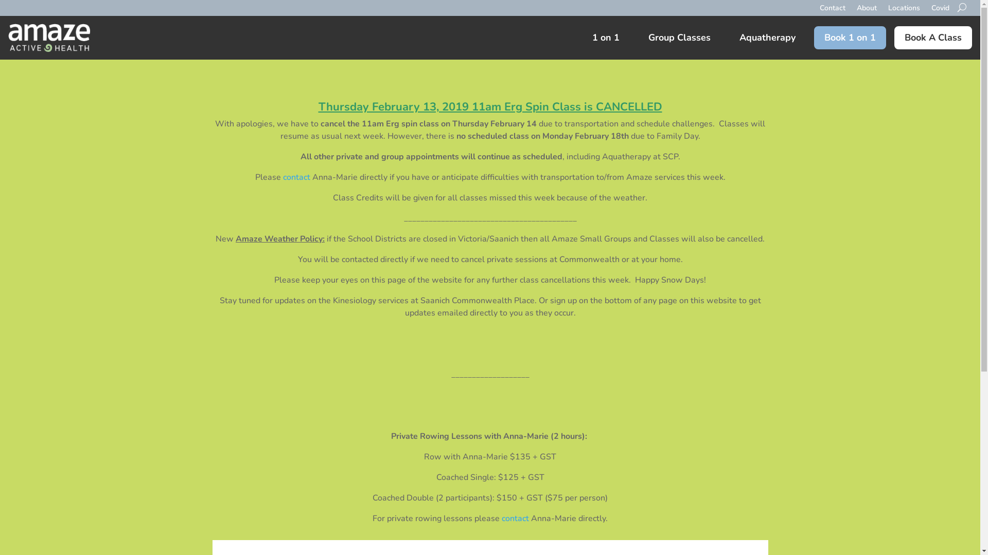  What do you see at coordinates (819, 15) in the screenshot?
I see `'Contact'` at bounding box center [819, 15].